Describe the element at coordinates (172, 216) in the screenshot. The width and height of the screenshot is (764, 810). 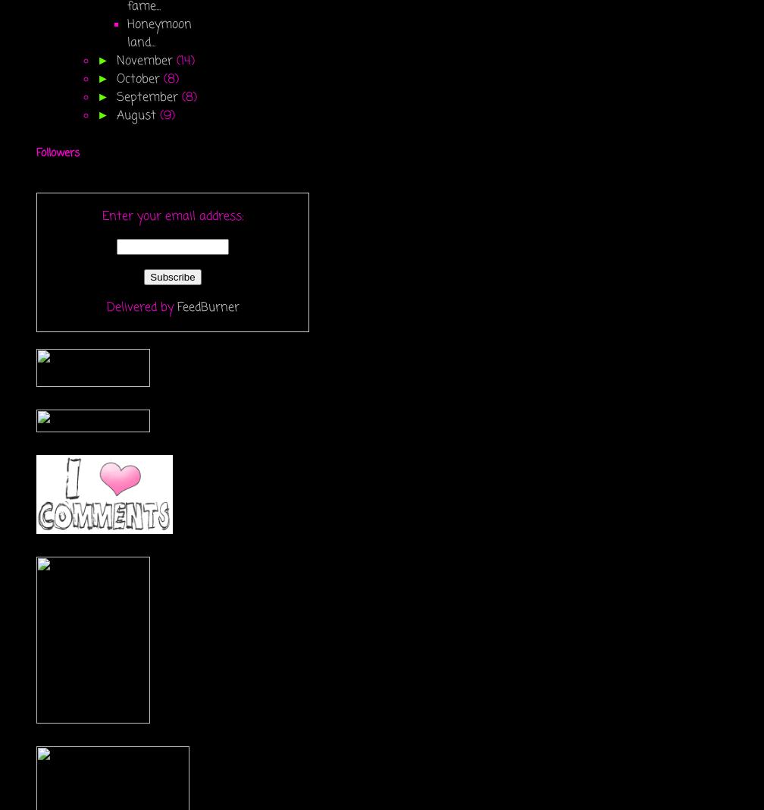
I see `'Enter your email address:'` at that location.